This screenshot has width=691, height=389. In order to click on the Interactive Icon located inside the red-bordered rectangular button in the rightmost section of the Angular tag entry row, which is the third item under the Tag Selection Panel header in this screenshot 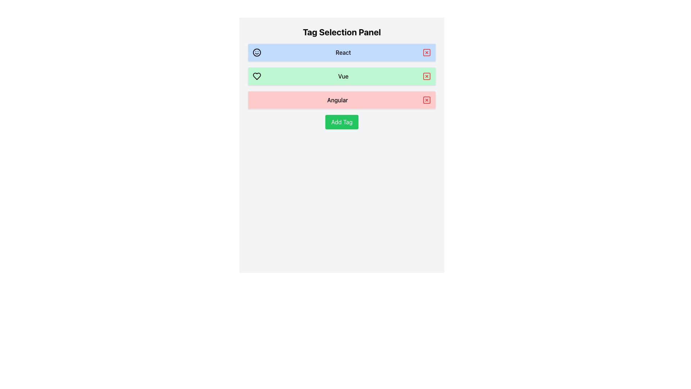, I will do `click(426, 100)`.